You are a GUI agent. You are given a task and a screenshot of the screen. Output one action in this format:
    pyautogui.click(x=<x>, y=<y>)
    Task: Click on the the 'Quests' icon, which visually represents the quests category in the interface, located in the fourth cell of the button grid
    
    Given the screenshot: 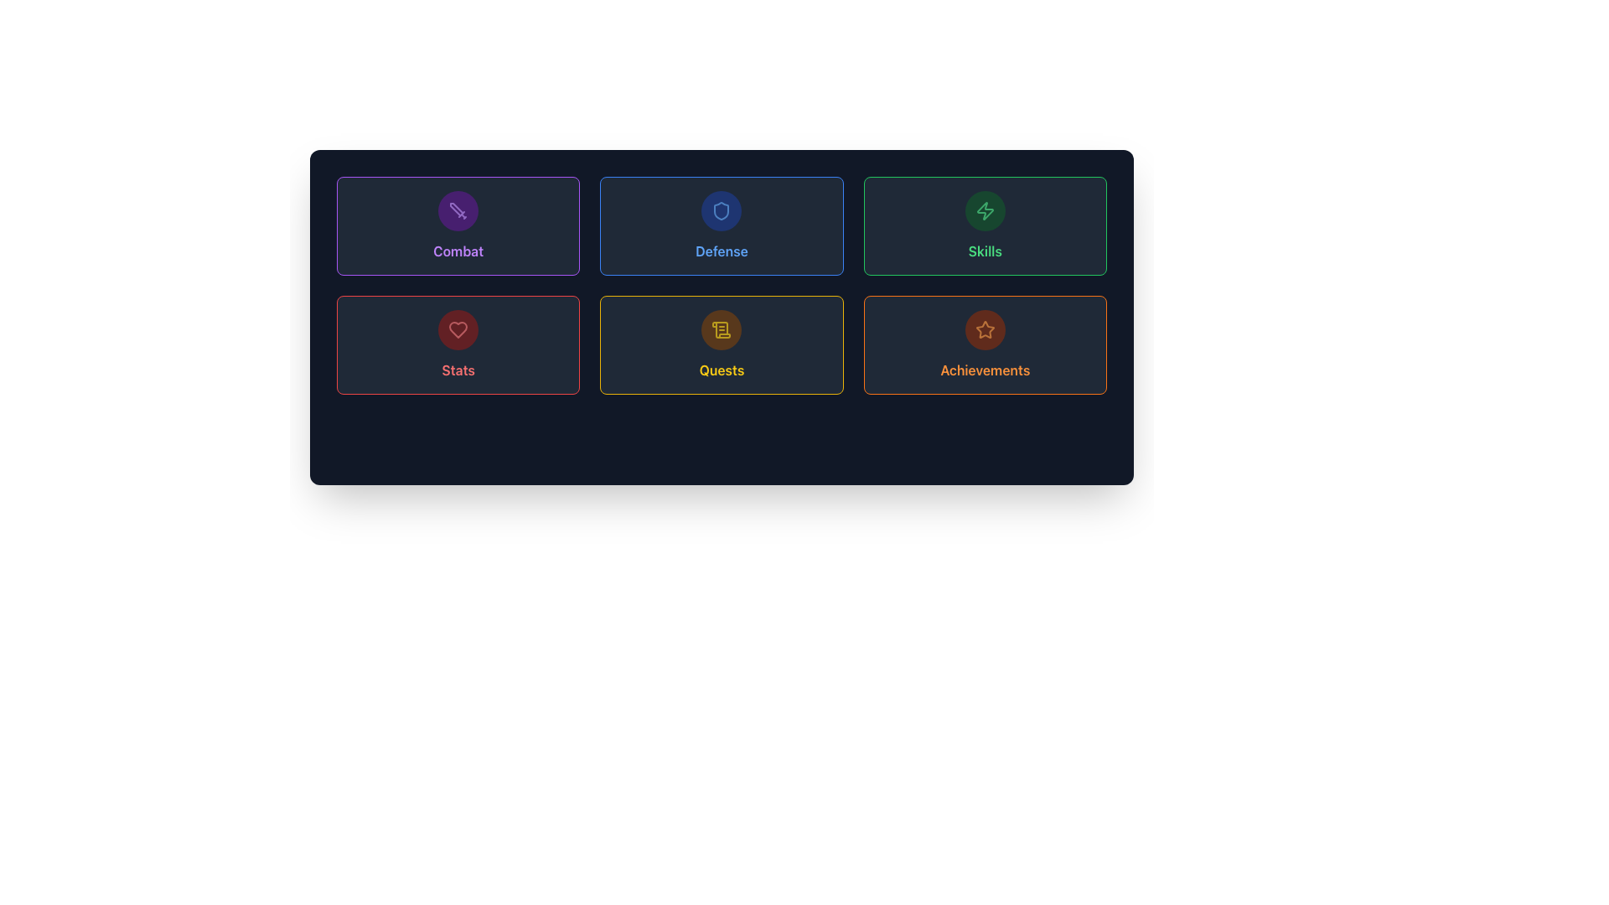 What is the action you would take?
    pyautogui.click(x=721, y=328)
    